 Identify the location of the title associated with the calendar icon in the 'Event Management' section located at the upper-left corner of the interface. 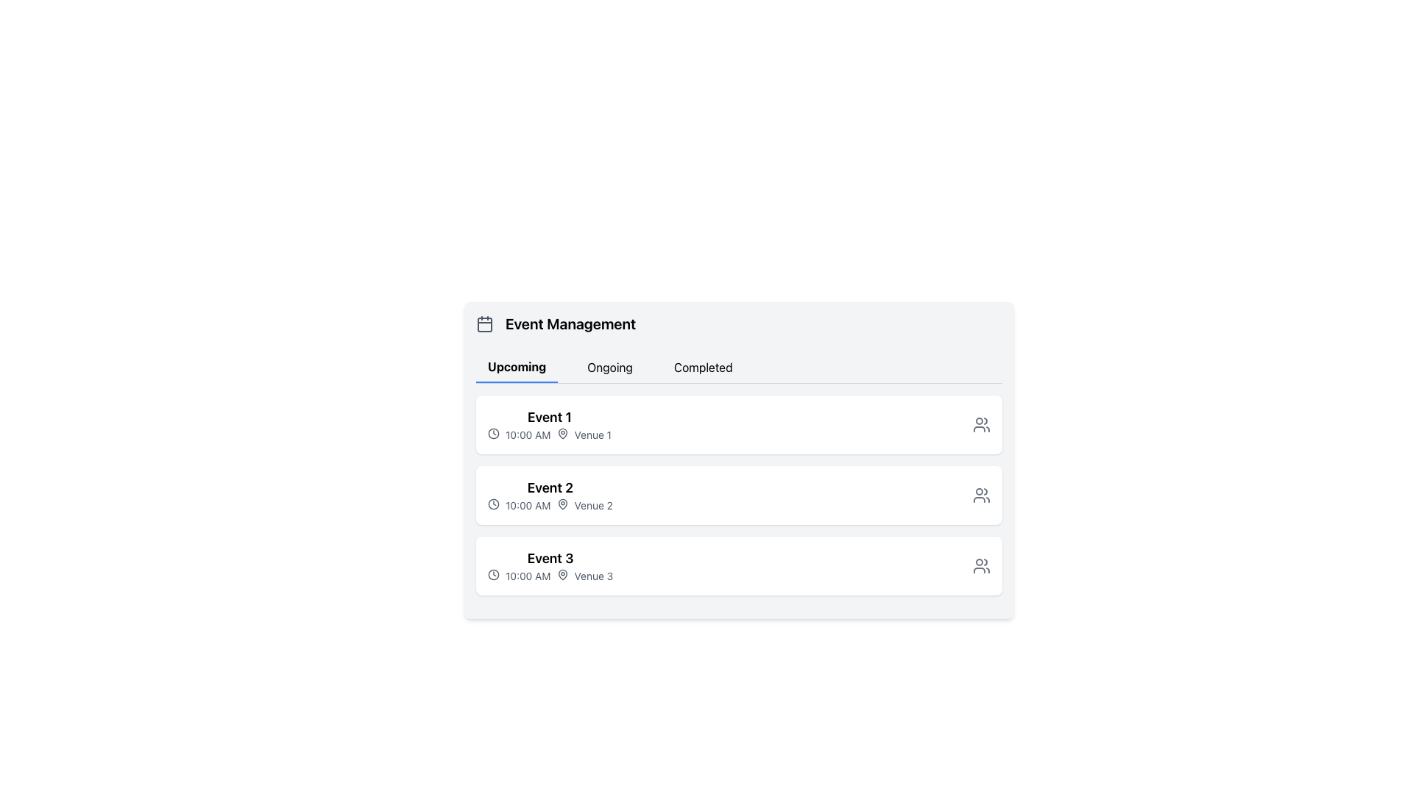
(484, 324).